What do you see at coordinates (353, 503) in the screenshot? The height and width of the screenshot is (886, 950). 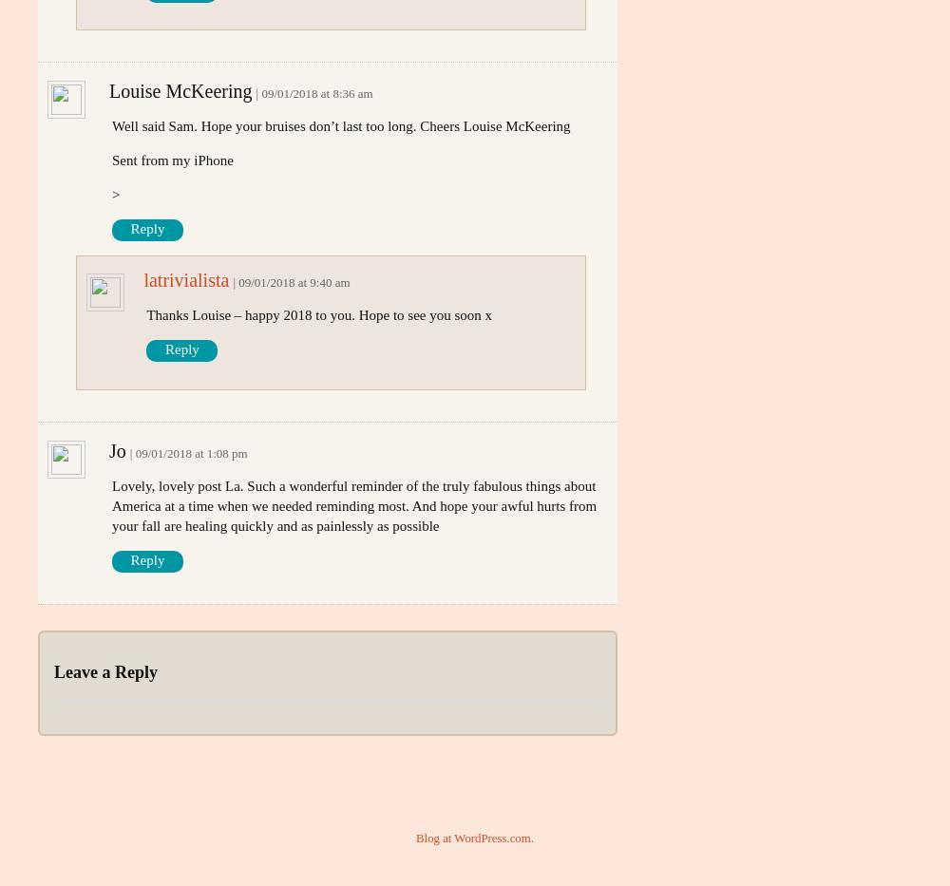 I see `'Lovely, lovely post La. Such a wonderful reminder of the truly fabulous things about America at a time when we needed reminding most. And hope your awful hurts from your fall are healing quickly and as painlessly as possible'` at bounding box center [353, 503].